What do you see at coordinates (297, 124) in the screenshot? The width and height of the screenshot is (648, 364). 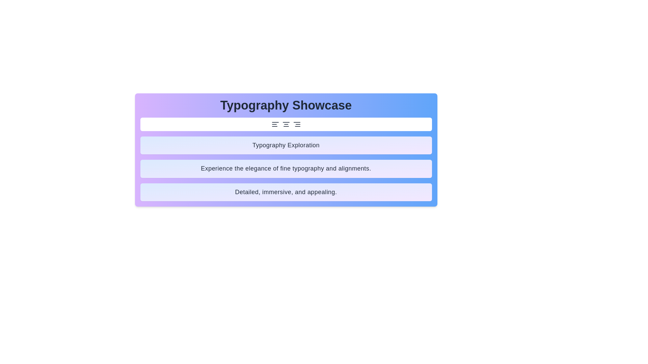 I see `the right-align icon, which is the fourth icon in the toolbar under 'Typography Showcase', by focusing or tabbing onto it` at bounding box center [297, 124].